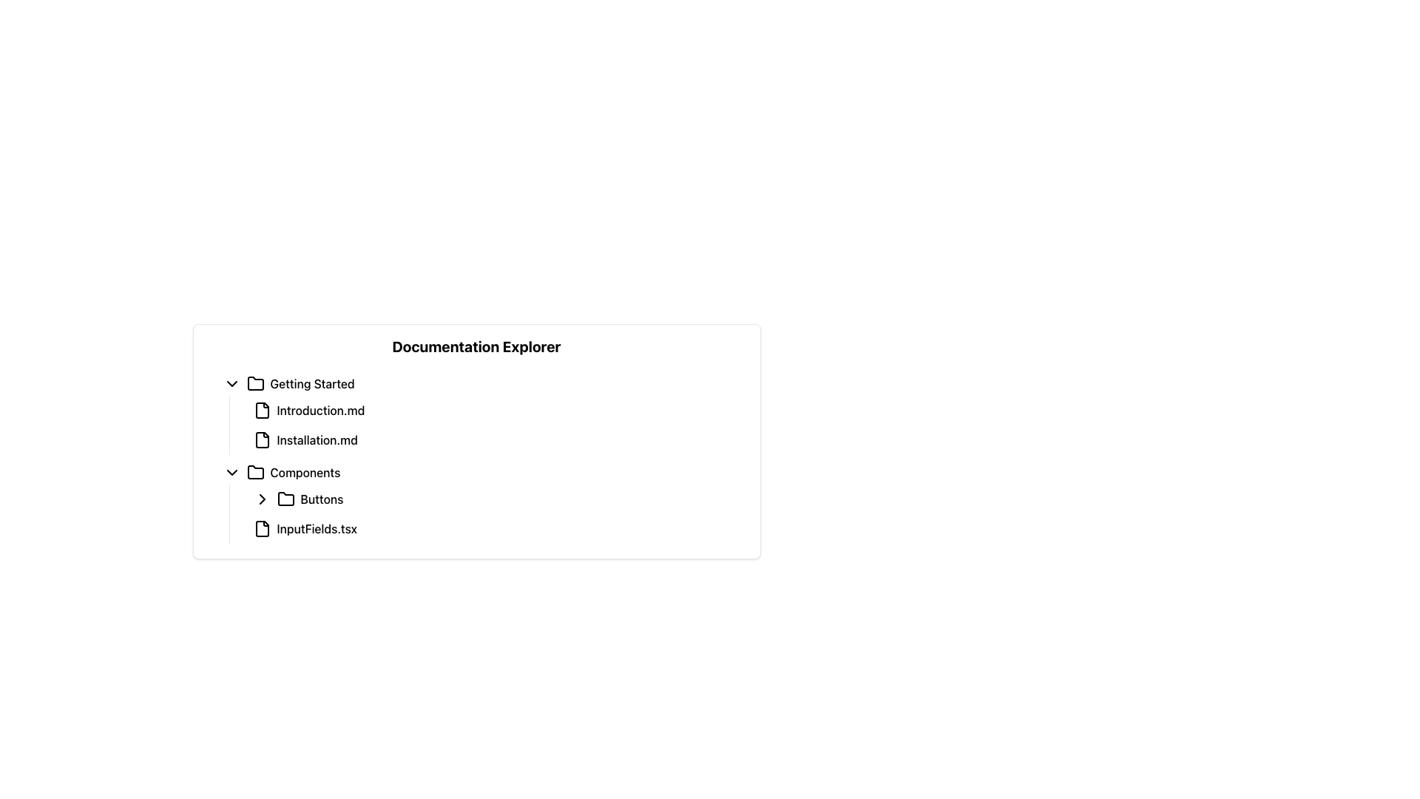 This screenshot has width=1420, height=799. I want to click on the file entry named 'InputFields.tsx' in the 'Components > Buttons' section of the Documentation Explorer, so click(304, 527).